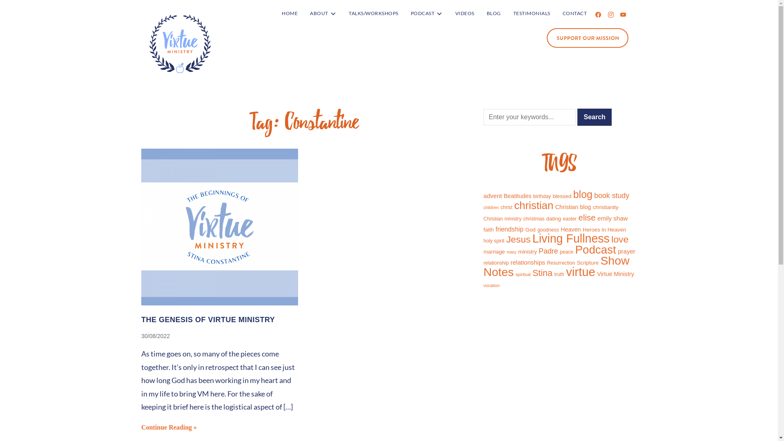 This screenshot has height=441, width=784. What do you see at coordinates (527, 251) in the screenshot?
I see `'ministry'` at bounding box center [527, 251].